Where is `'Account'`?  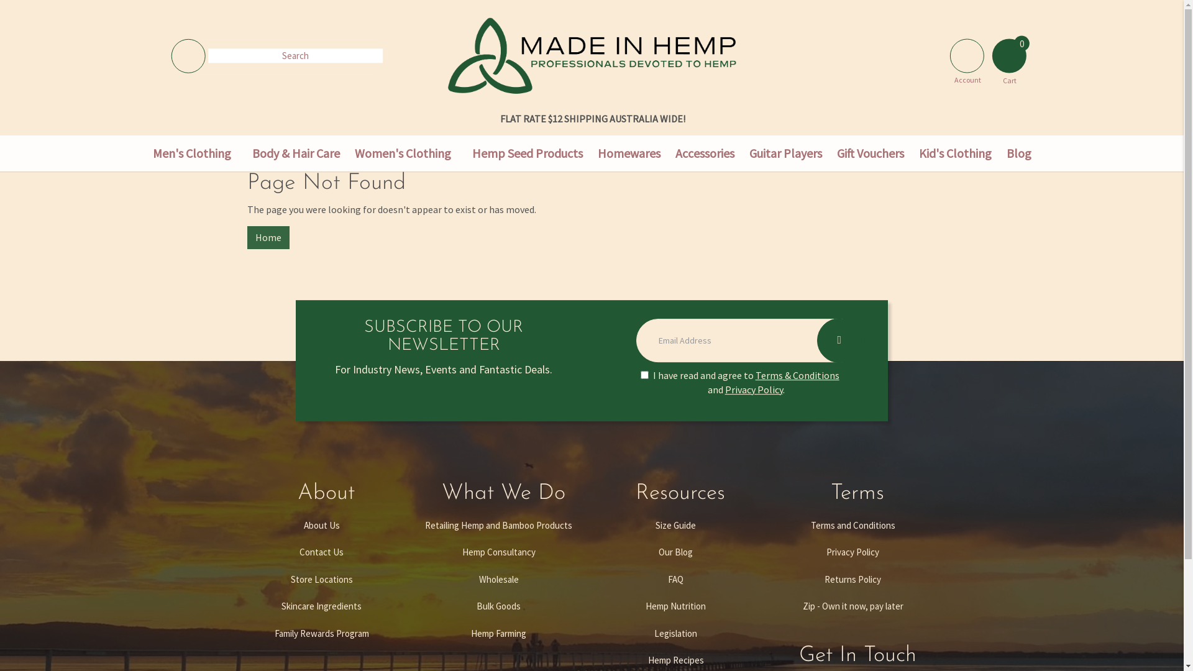
'Account' is located at coordinates (943, 52).